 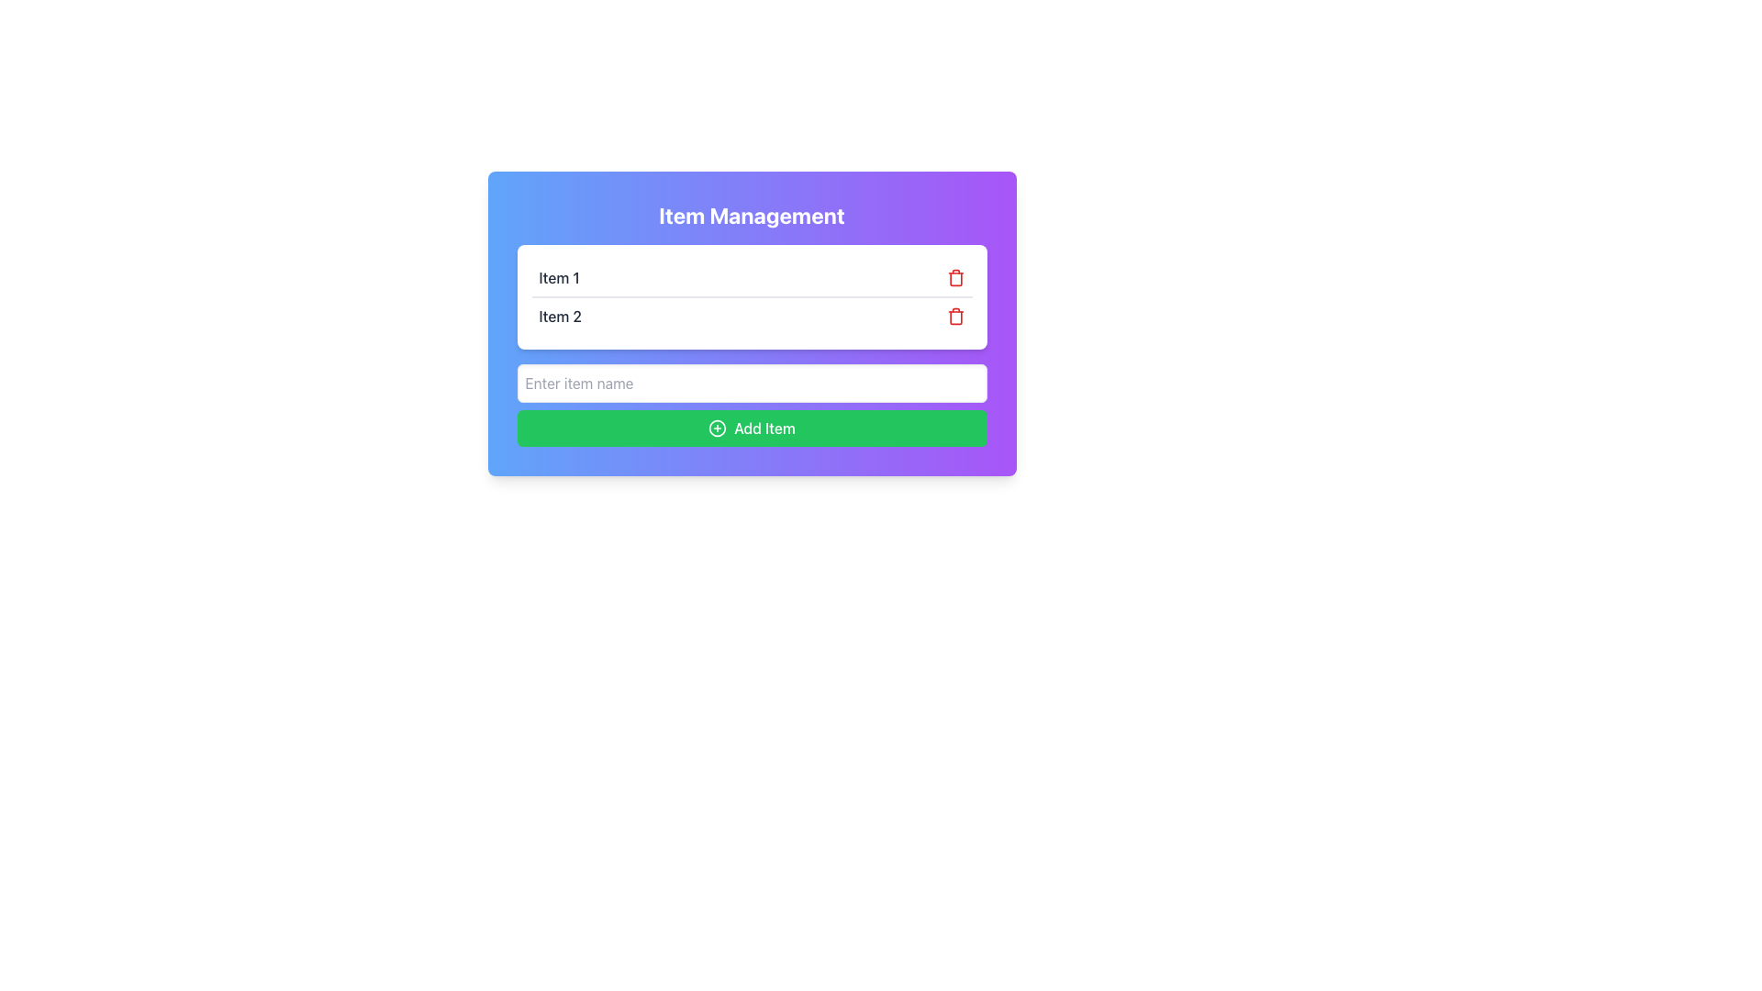 What do you see at coordinates (752, 428) in the screenshot?
I see `the 'Add' button located just below the 'Enter item name' text input field` at bounding box center [752, 428].